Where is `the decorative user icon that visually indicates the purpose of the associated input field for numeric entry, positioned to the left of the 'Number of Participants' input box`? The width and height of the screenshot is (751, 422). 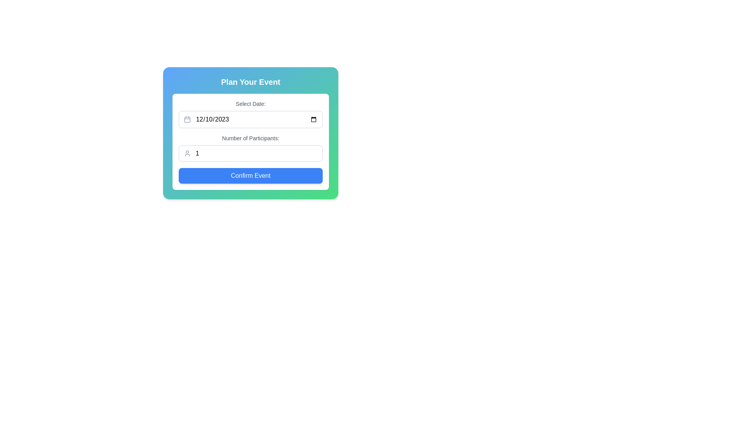
the decorative user icon that visually indicates the purpose of the associated input field for numeric entry, positioned to the left of the 'Number of Participants' input box is located at coordinates (187, 154).